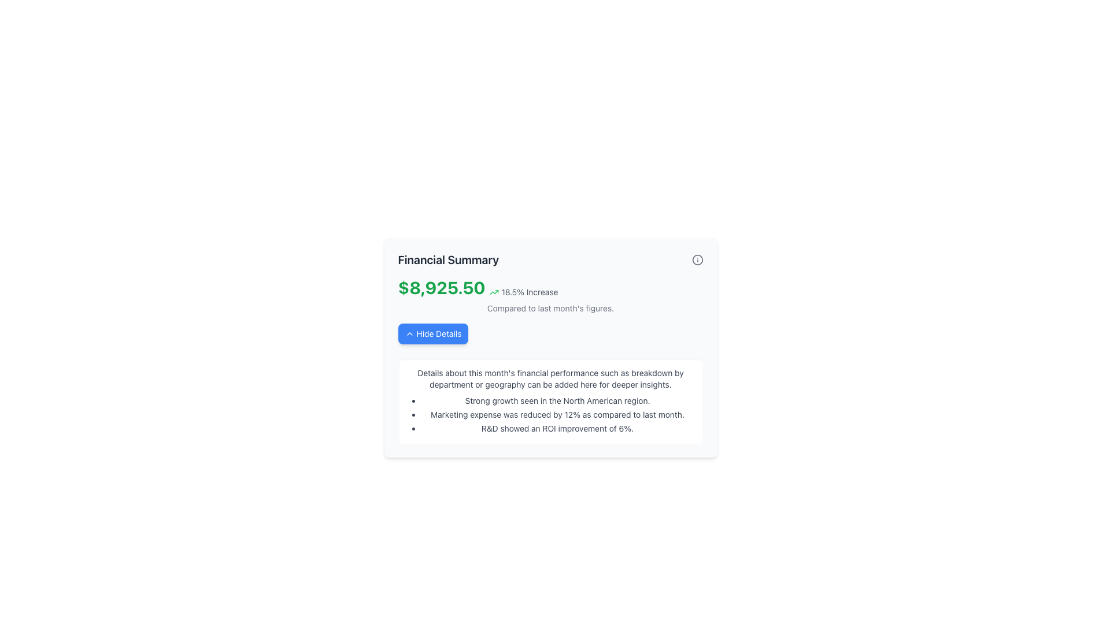 The width and height of the screenshot is (1110, 624). Describe the element at coordinates (432, 334) in the screenshot. I see `the blue 'Hide Details' button with white text and an upward-facing arrow icon` at that location.